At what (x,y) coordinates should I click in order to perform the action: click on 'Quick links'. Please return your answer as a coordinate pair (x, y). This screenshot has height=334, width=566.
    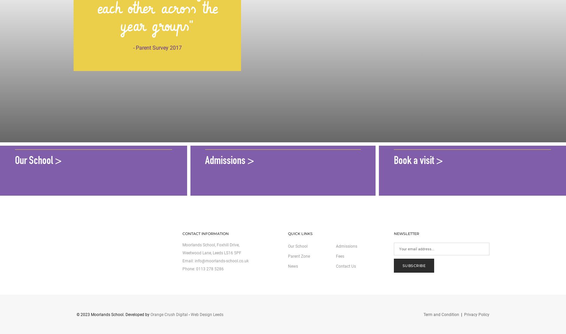
    Looking at the image, I should click on (300, 233).